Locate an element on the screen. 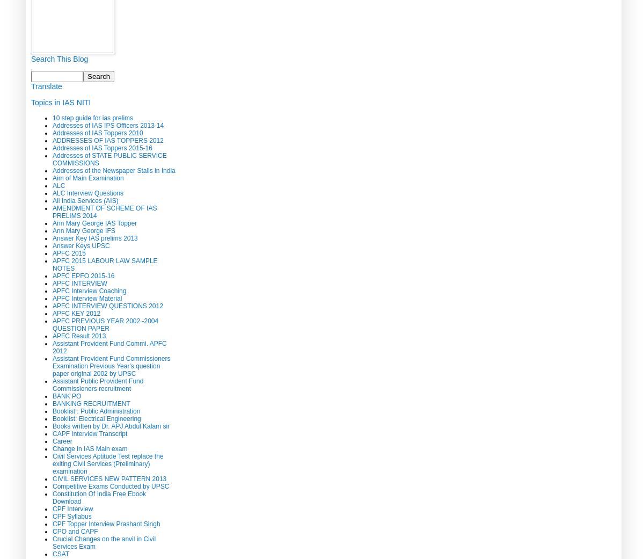 Image resolution: width=643 pixels, height=559 pixels. 'APFC INTERVIEW' is located at coordinates (79, 282).